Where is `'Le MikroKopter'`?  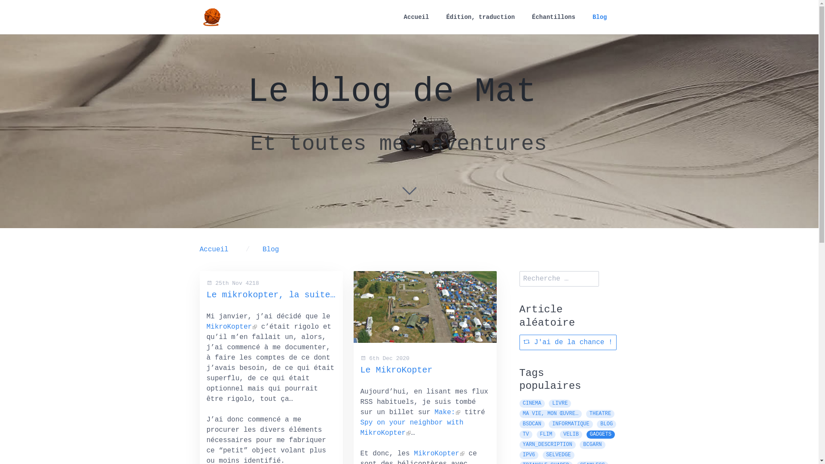
'Le MikroKopter' is located at coordinates (395, 369).